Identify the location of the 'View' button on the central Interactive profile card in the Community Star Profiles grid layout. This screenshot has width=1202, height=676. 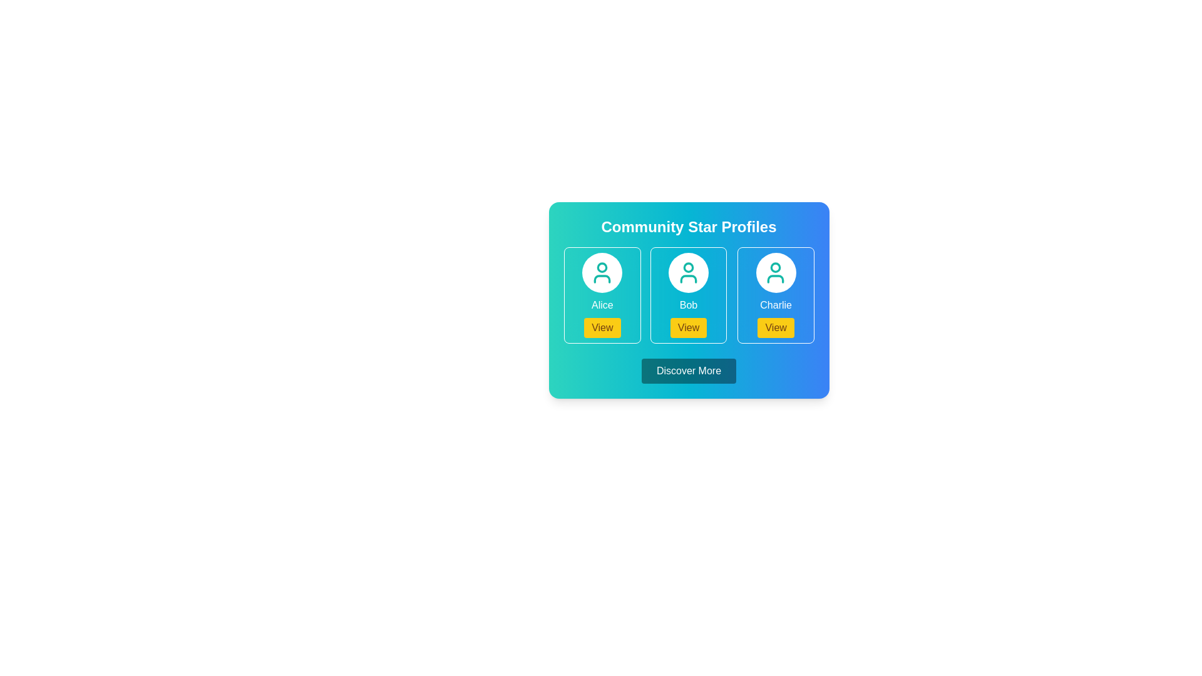
(688, 295).